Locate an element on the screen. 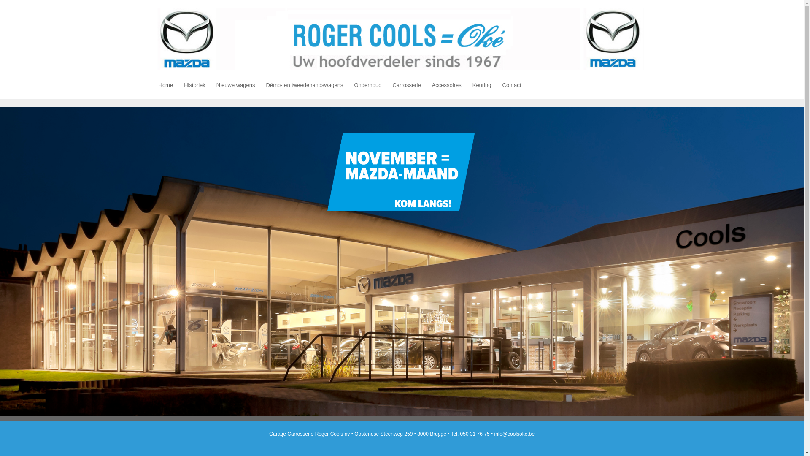  'Onderhoud' is located at coordinates (367, 85).